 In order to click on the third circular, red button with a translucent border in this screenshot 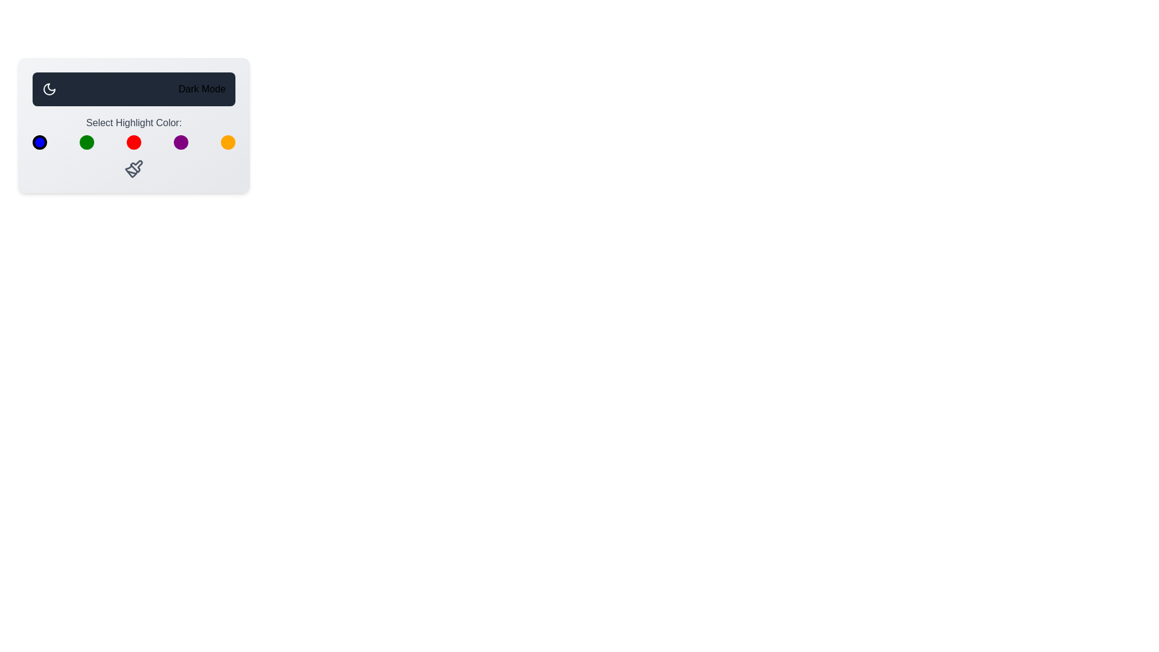, I will do `click(133, 141)`.